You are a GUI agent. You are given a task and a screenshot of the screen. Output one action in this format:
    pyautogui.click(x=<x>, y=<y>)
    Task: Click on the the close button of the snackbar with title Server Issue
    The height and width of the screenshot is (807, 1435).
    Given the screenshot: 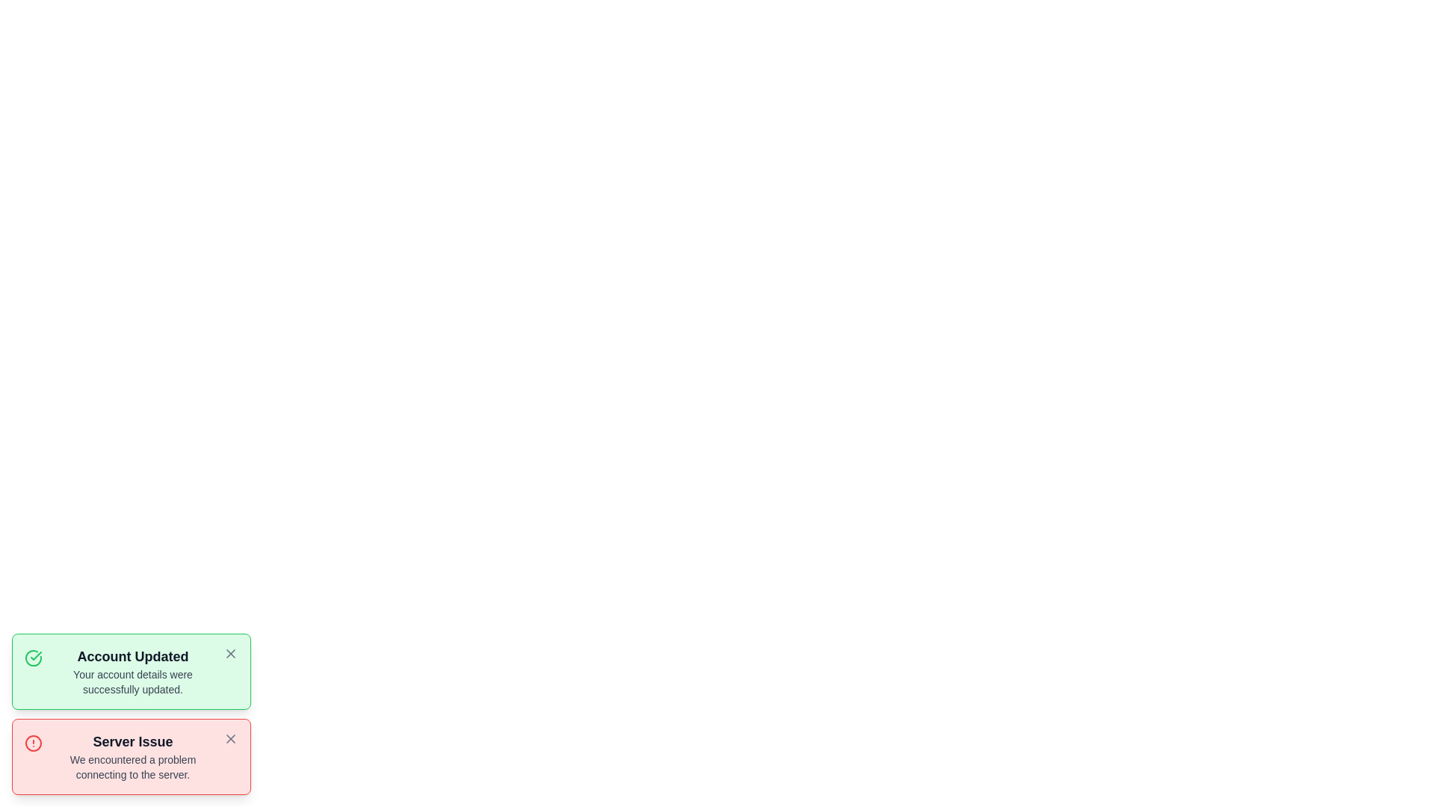 What is the action you would take?
    pyautogui.click(x=229, y=738)
    